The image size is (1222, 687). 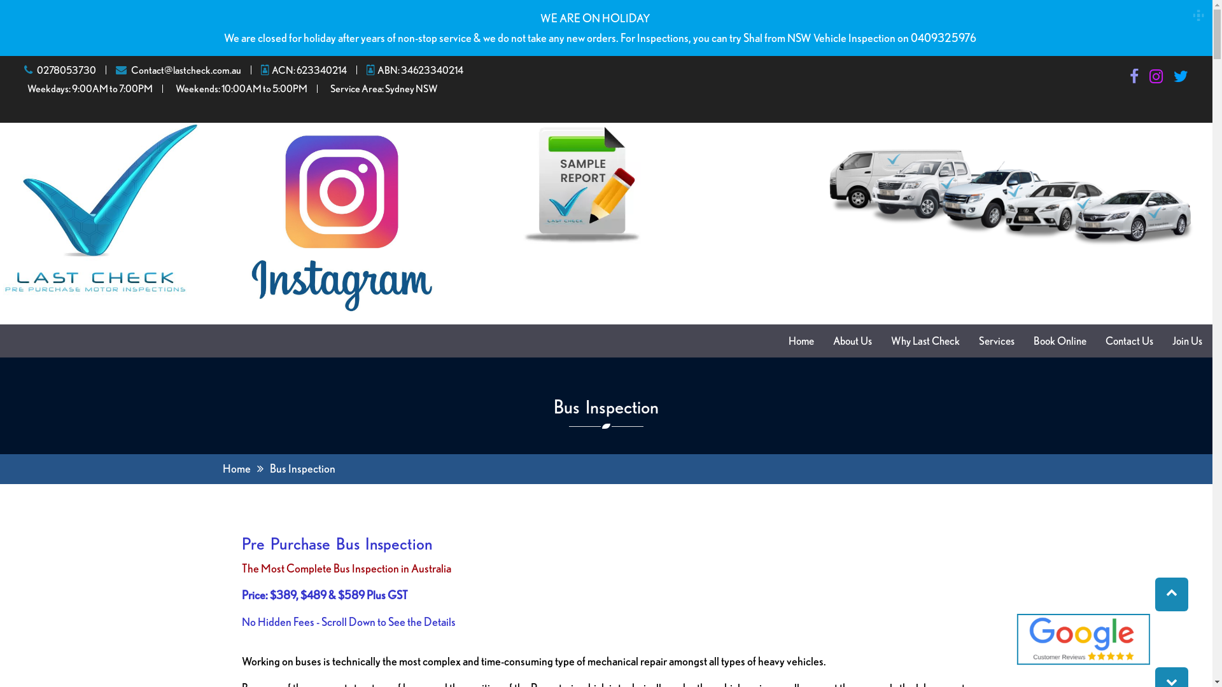 What do you see at coordinates (1060, 340) in the screenshot?
I see `'Book Online'` at bounding box center [1060, 340].